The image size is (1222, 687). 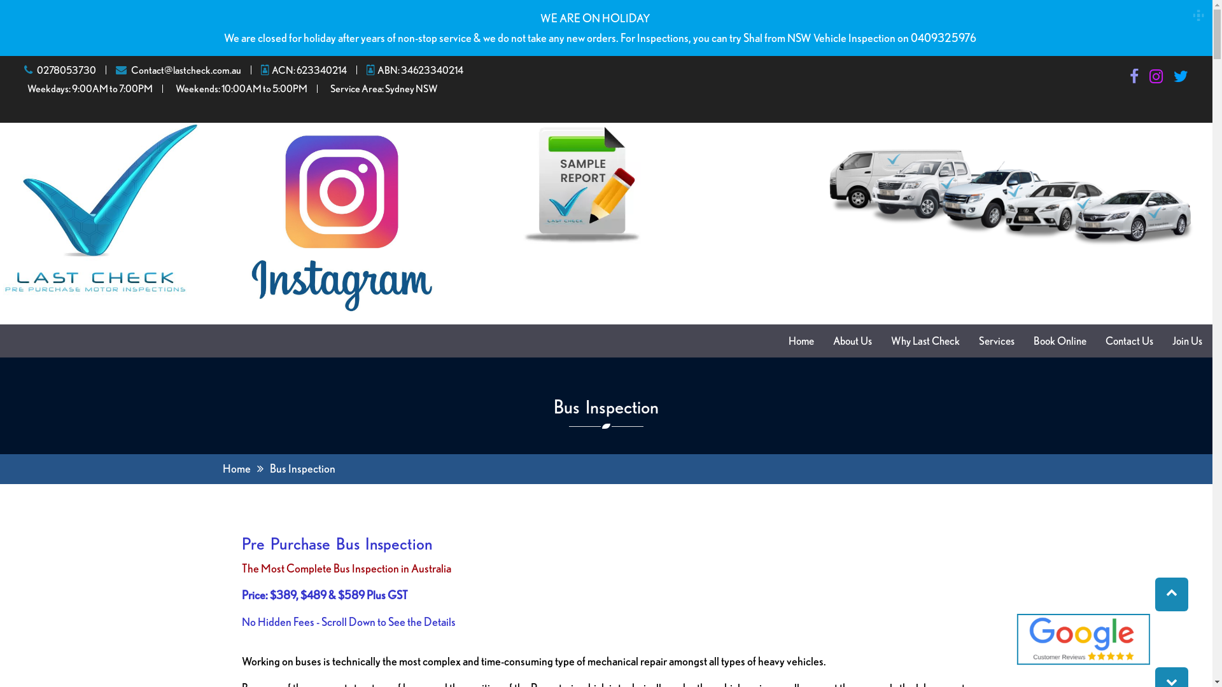 What do you see at coordinates (1060, 340) in the screenshot?
I see `'Book Online'` at bounding box center [1060, 340].